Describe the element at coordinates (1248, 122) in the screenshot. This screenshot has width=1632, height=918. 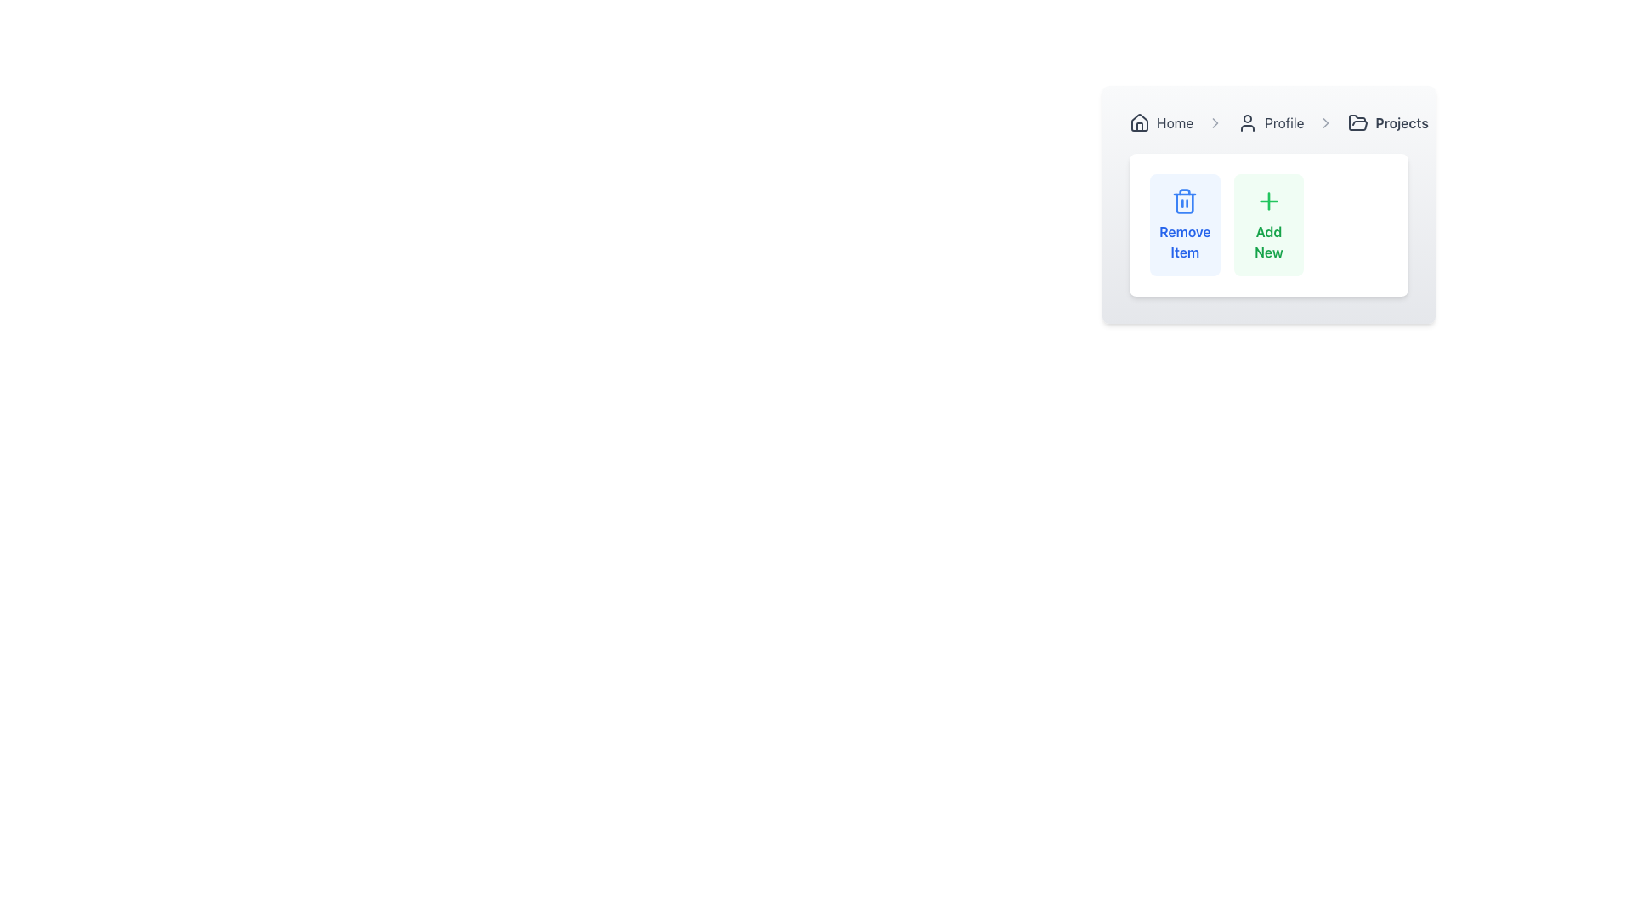
I see `the 'Profile' icon located in the upper-right section of the UI` at that location.